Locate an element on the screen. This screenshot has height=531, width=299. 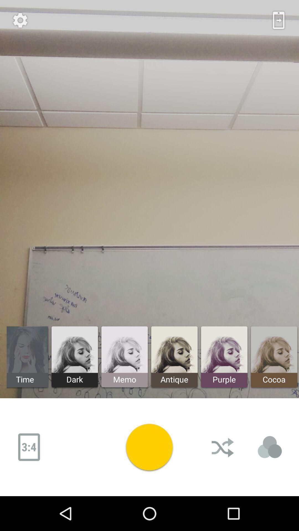
the icon at the top right corner of the page is located at coordinates (279, 20).